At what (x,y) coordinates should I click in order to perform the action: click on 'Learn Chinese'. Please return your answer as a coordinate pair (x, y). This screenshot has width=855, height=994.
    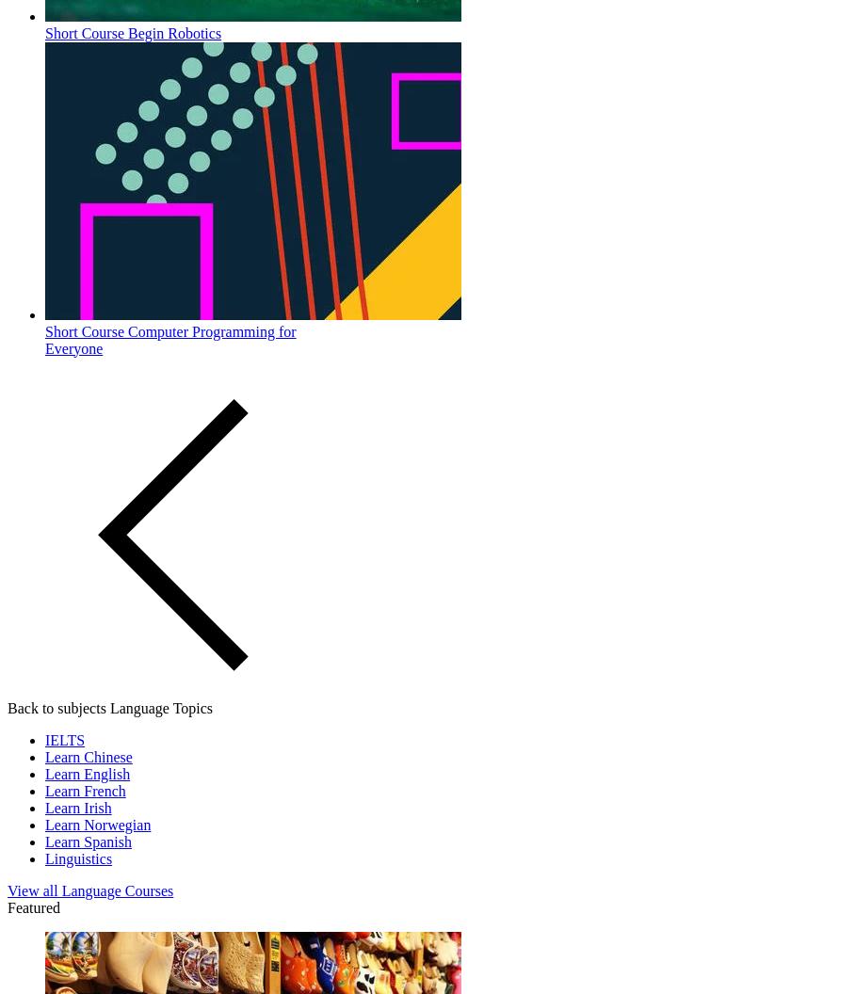
    Looking at the image, I should click on (87, 756).